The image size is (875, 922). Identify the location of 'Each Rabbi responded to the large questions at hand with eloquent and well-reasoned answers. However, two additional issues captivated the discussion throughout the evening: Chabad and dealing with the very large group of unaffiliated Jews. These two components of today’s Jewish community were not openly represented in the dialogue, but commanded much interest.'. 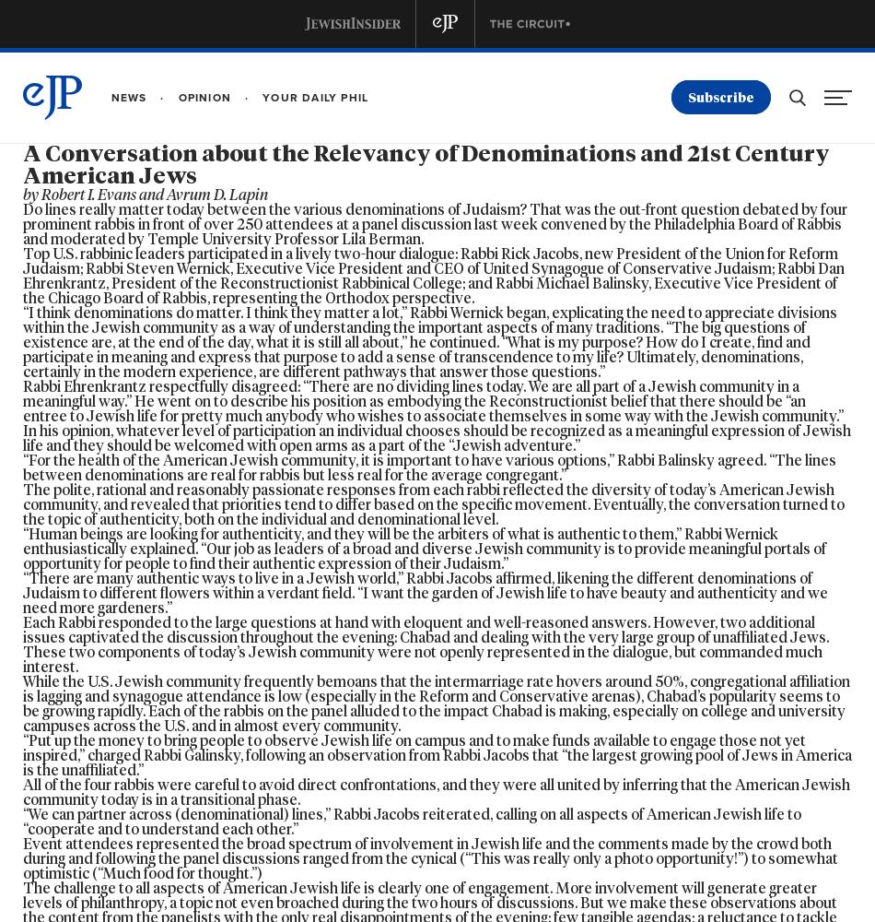
(425, 644).